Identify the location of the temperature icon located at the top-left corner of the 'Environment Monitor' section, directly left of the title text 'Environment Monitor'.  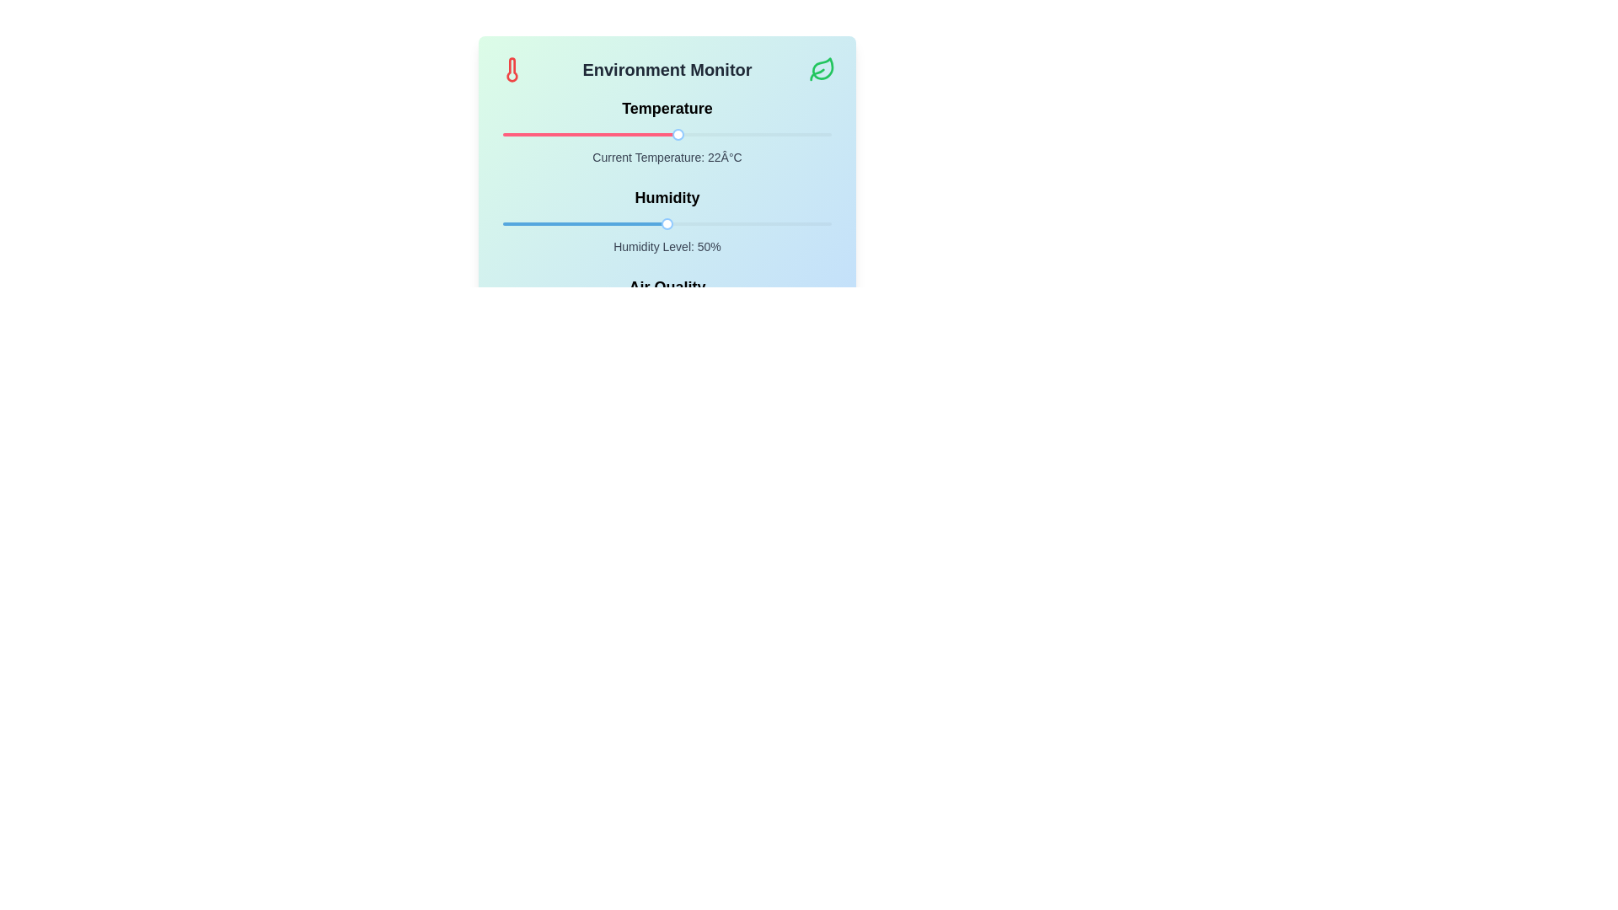
(512, 69).